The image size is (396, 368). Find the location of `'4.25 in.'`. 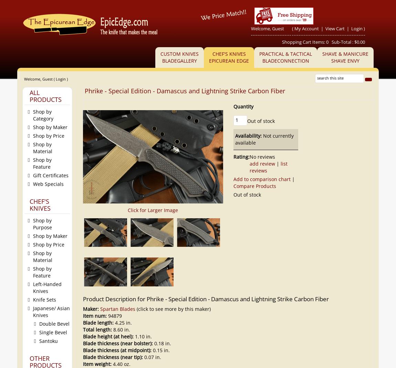

'4.25 in.' is located at coordinates (123, 322).